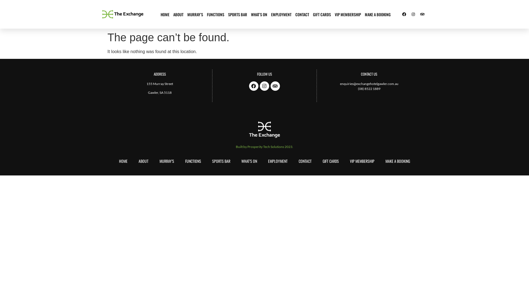  What do you see at coordinates (123, 161) in the screenshot?
I see `'HOME'` at bounding box center [123, 161].